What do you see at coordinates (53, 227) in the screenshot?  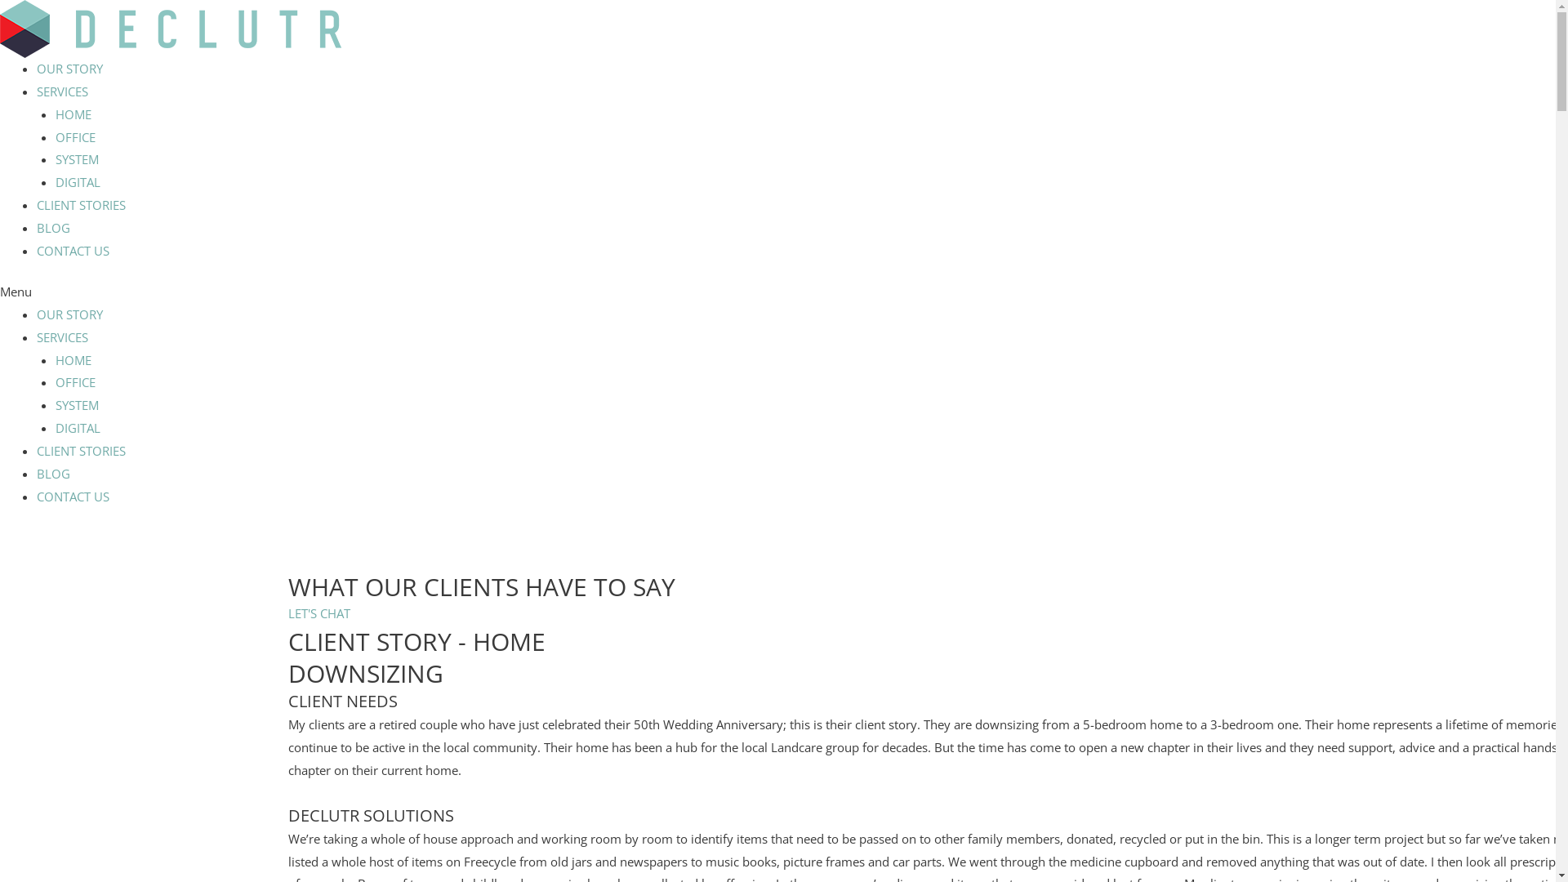 I see `'BLOG'` at bounding box center [53, 227].